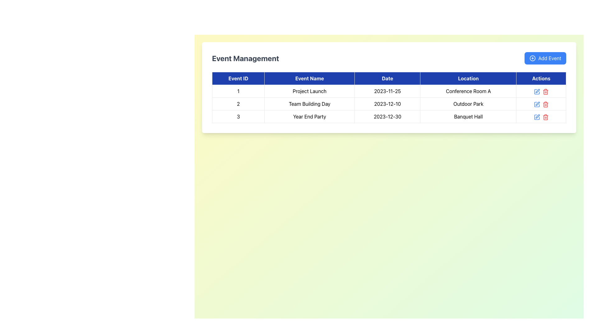  I want to click on date displayed in the text label that shows the date for the event 'Project Launch', located in the third column of the first row of the table beneath the 'Date' header, so click(387, 91).